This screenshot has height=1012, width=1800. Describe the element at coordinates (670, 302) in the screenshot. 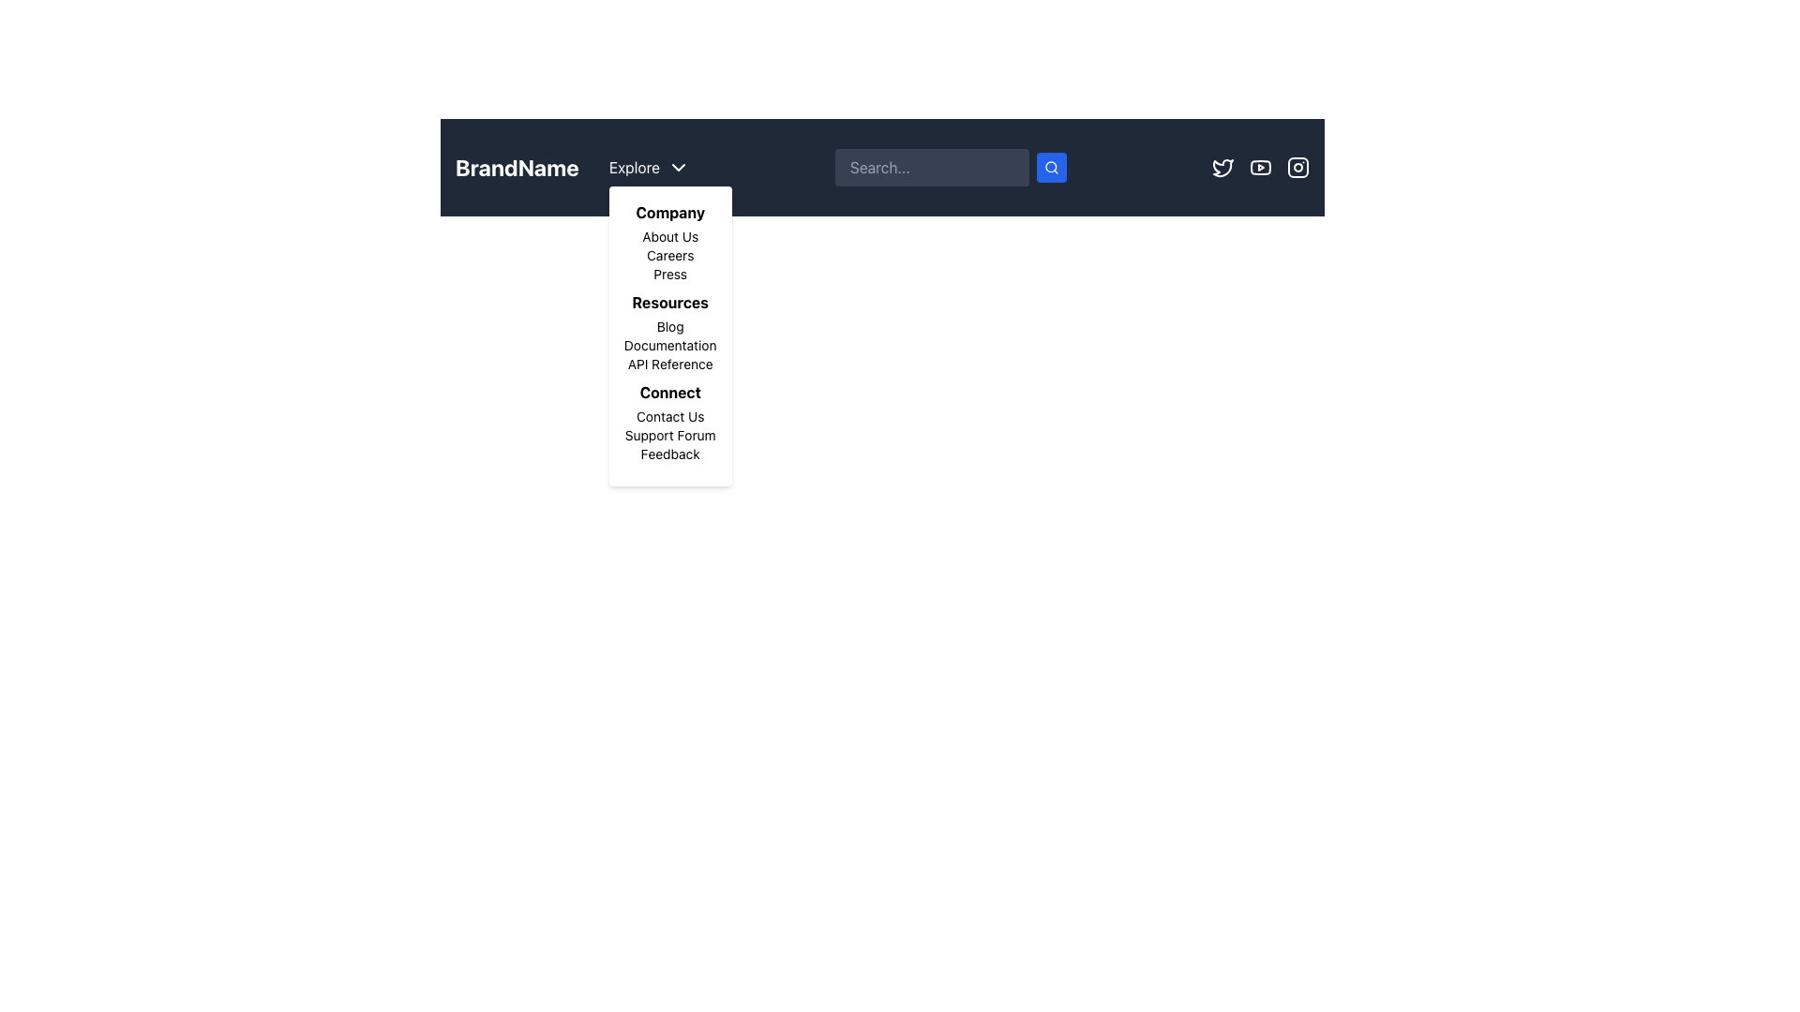

I see `text displayed in the second section header of the dropdown menu under the 'Company' section, which categorizes the entries 'Blog', 'Documentation', and 'API Reference'` at that location.